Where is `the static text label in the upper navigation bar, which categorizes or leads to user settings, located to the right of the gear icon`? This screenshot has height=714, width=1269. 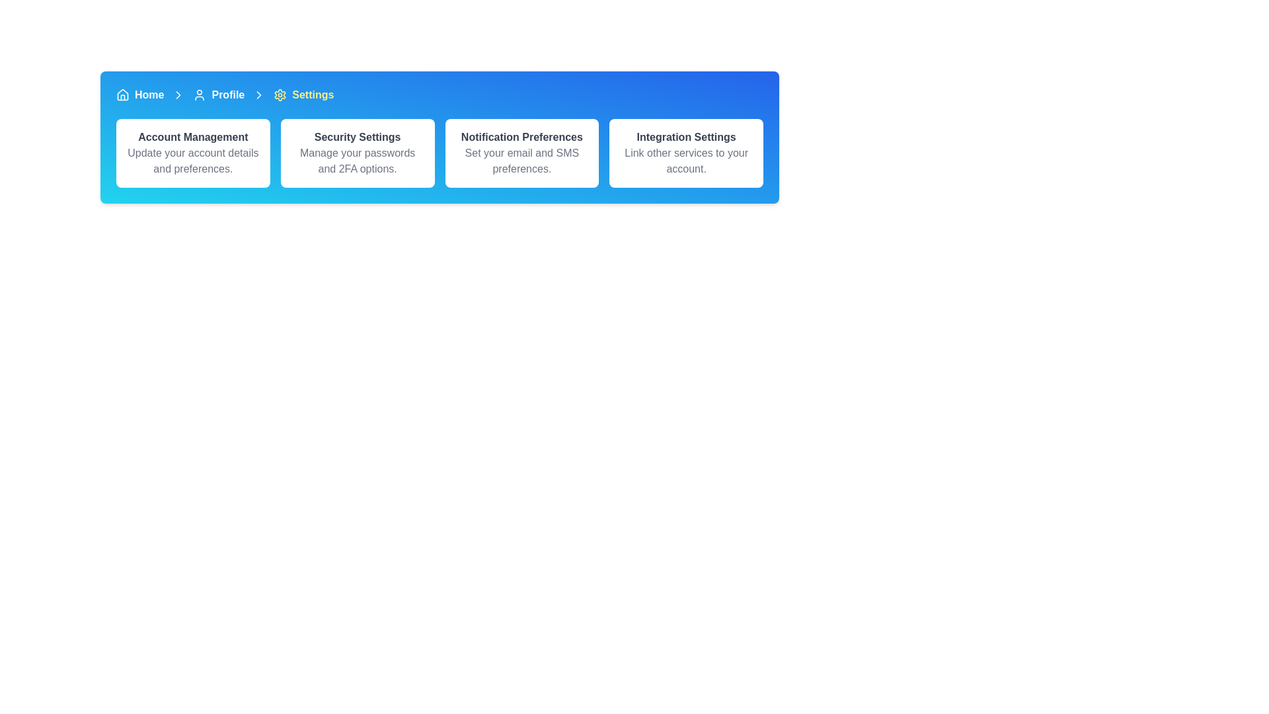
the static text label in the upper navigation bar, which categorizes or leads to user settings, located to the right of the gear icon is located at coordinates (312, 94).